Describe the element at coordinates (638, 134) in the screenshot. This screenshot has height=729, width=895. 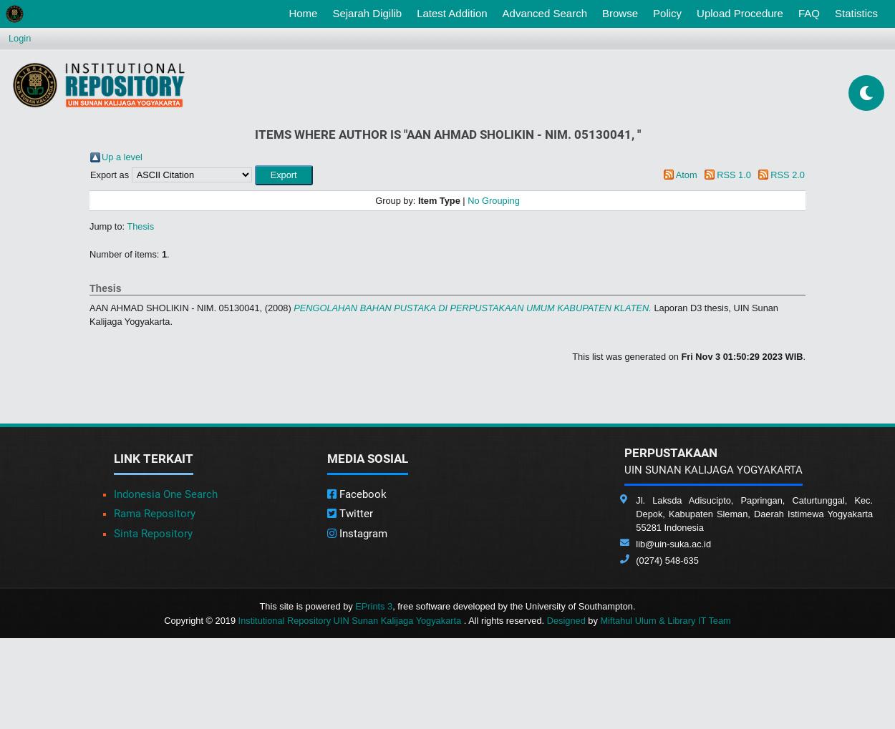
I see `'"'` at that location.